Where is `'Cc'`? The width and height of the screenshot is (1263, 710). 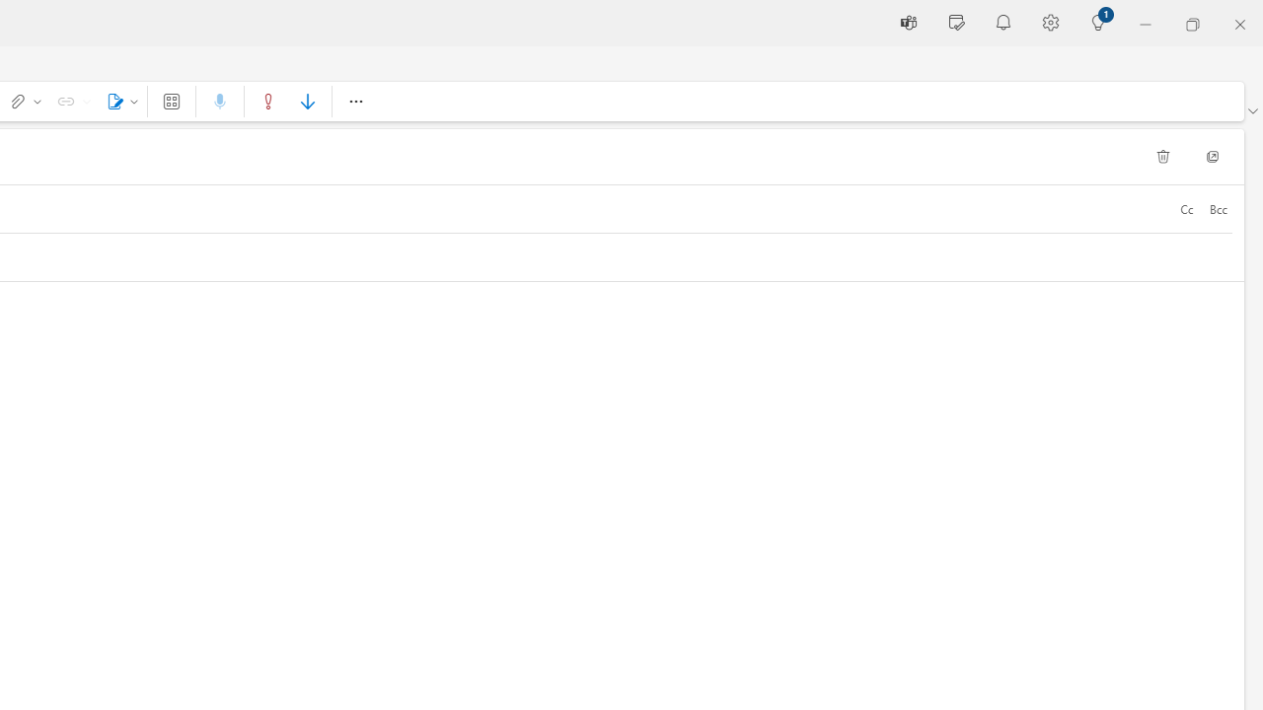 'Cc' is located at coordinates (1185, 209).